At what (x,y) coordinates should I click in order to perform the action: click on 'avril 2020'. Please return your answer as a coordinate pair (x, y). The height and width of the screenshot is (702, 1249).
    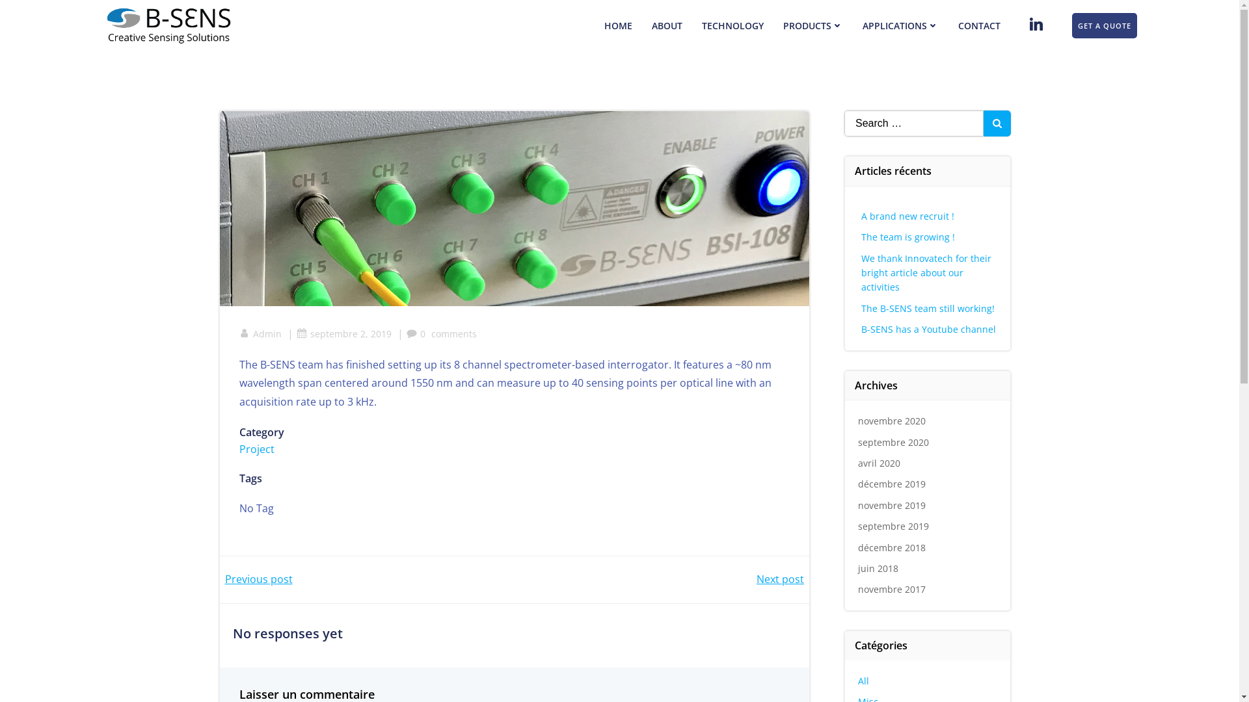
    Looking at the image, I should click on (879, 462).